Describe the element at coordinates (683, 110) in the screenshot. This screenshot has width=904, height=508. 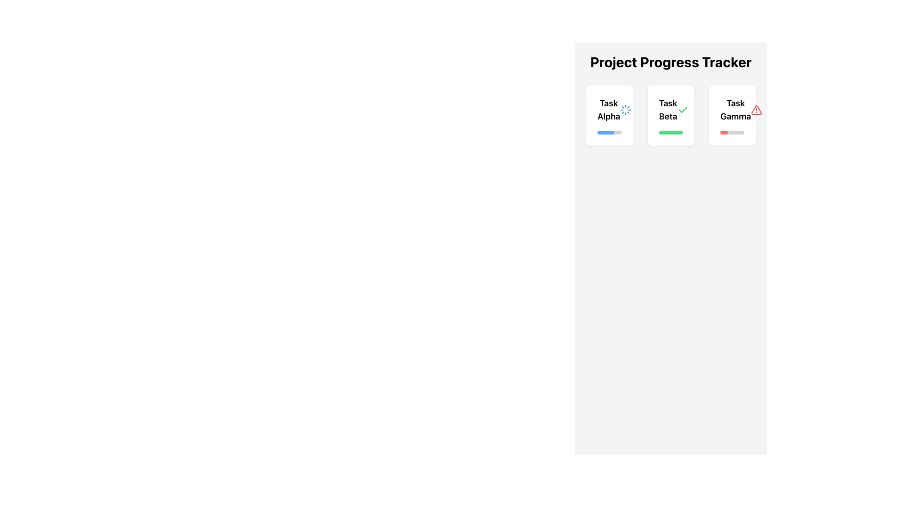
I see `the success status icon located under the title 'Task Beta'` at that location.